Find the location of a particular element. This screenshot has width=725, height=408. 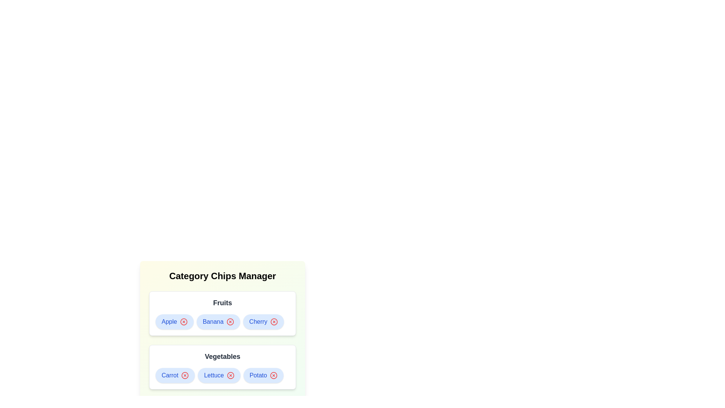

remove button for the chip labeled Banana is located at coordinates (230, 322).